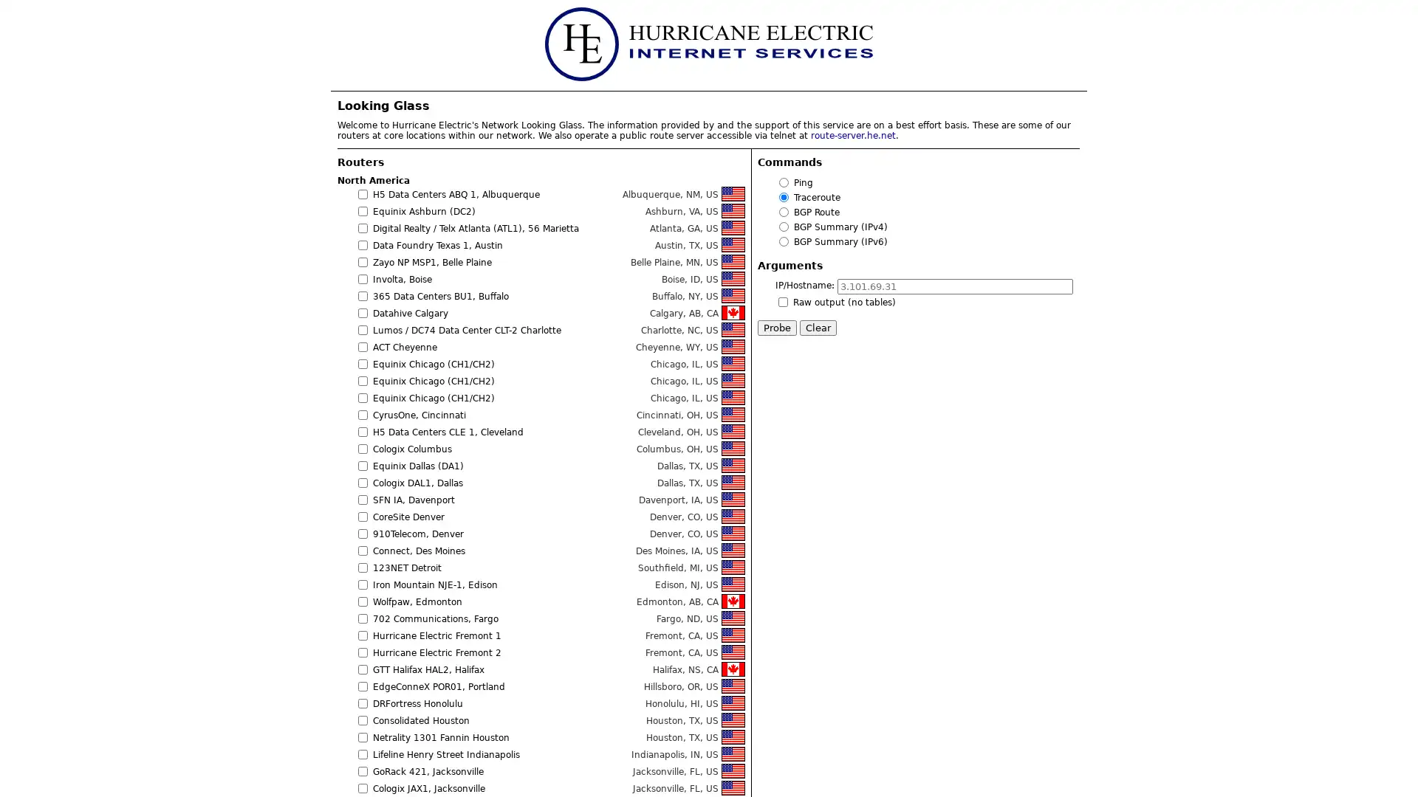 This screenshot has width=1418, height=797. Describe the element at coordinates (776, 327) in the screenshot. I see `Probe` at that location.